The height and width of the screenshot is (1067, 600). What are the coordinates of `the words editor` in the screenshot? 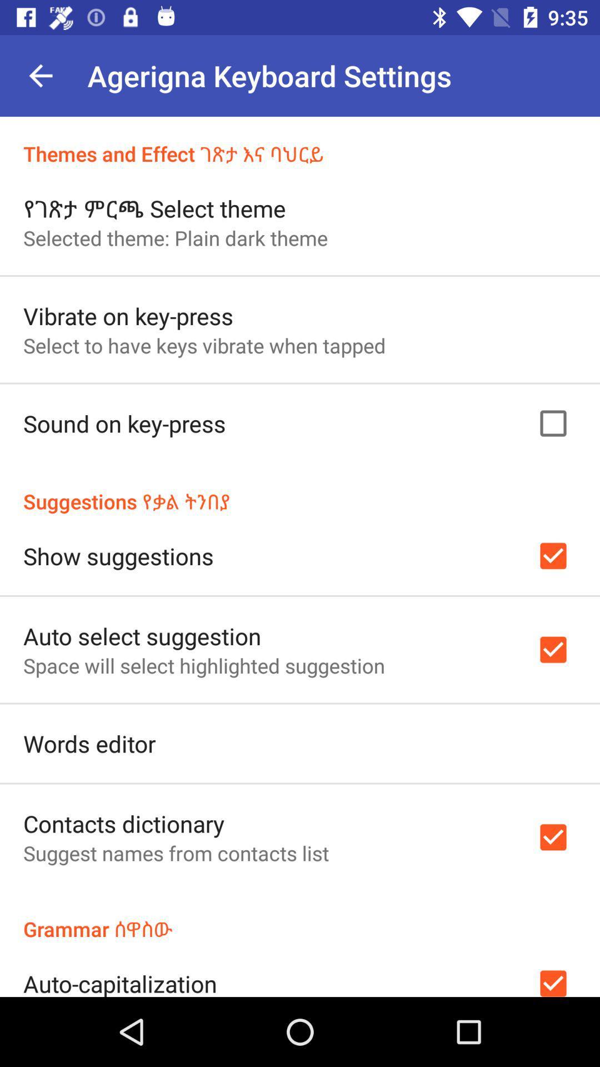 It's located at (89, 744).